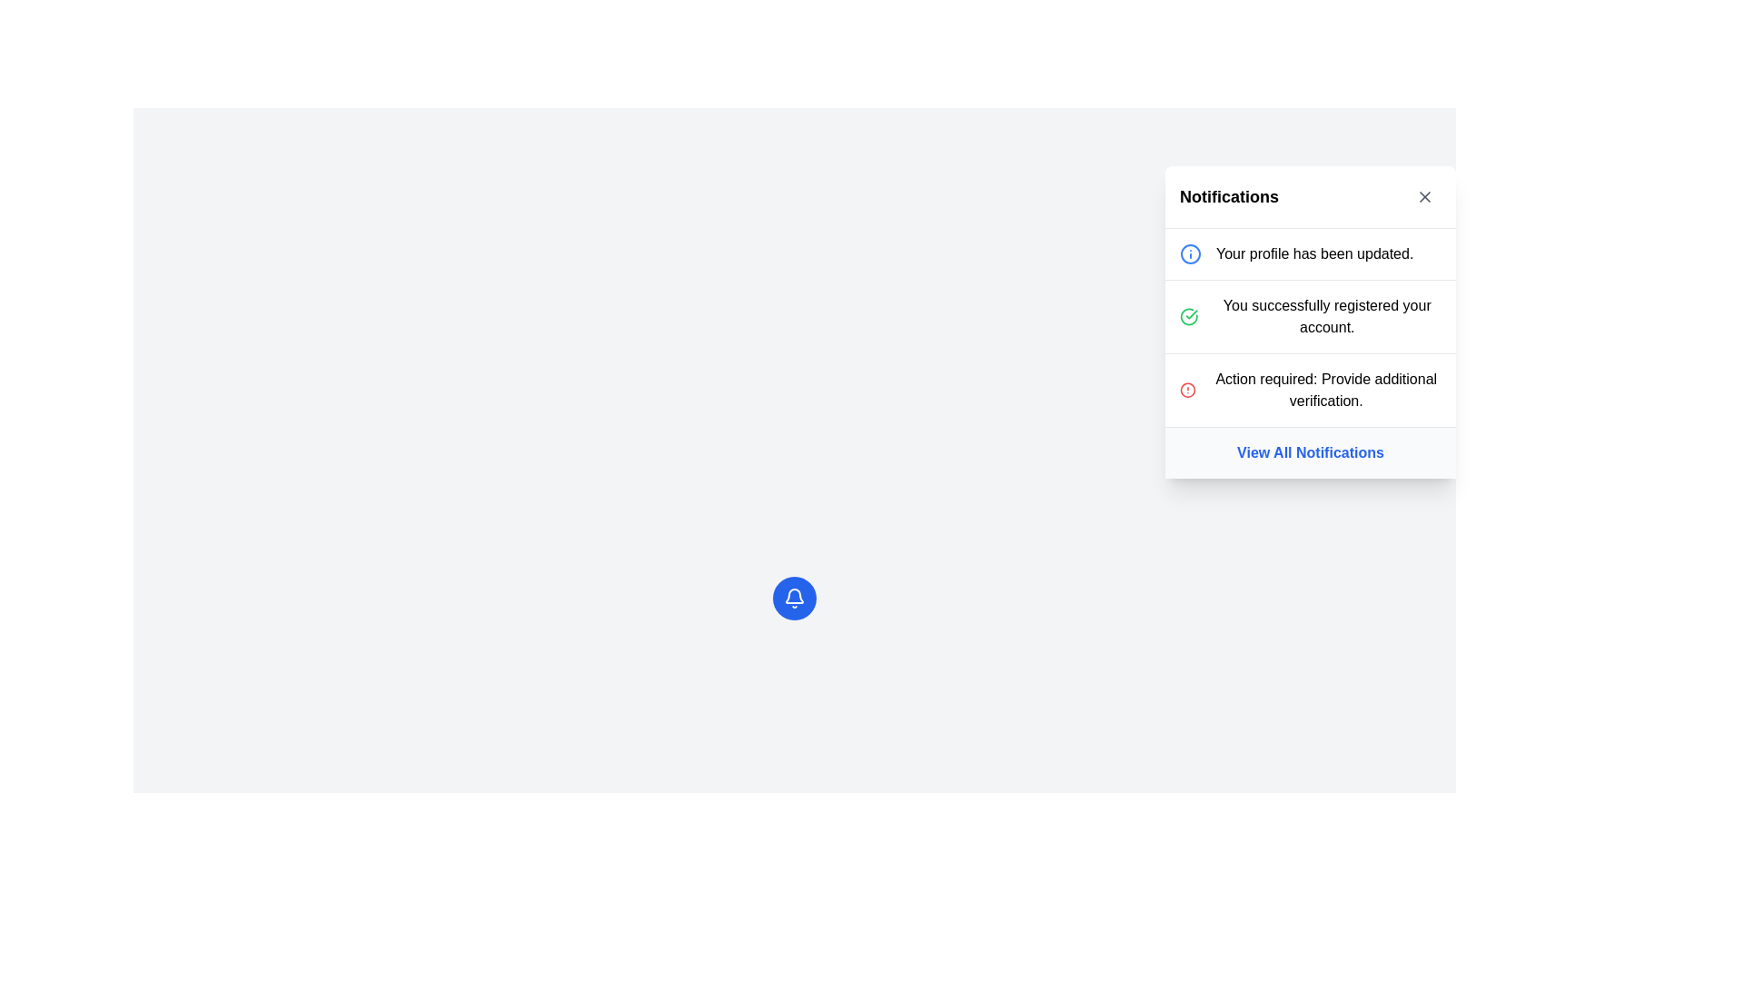  What do you see at coordinates (1192, 313) in the screenshot?
I see `the confirmation checkmark icon indicating successful account registration, located on the second notification item in the list` at bounding box center [1192, 313].